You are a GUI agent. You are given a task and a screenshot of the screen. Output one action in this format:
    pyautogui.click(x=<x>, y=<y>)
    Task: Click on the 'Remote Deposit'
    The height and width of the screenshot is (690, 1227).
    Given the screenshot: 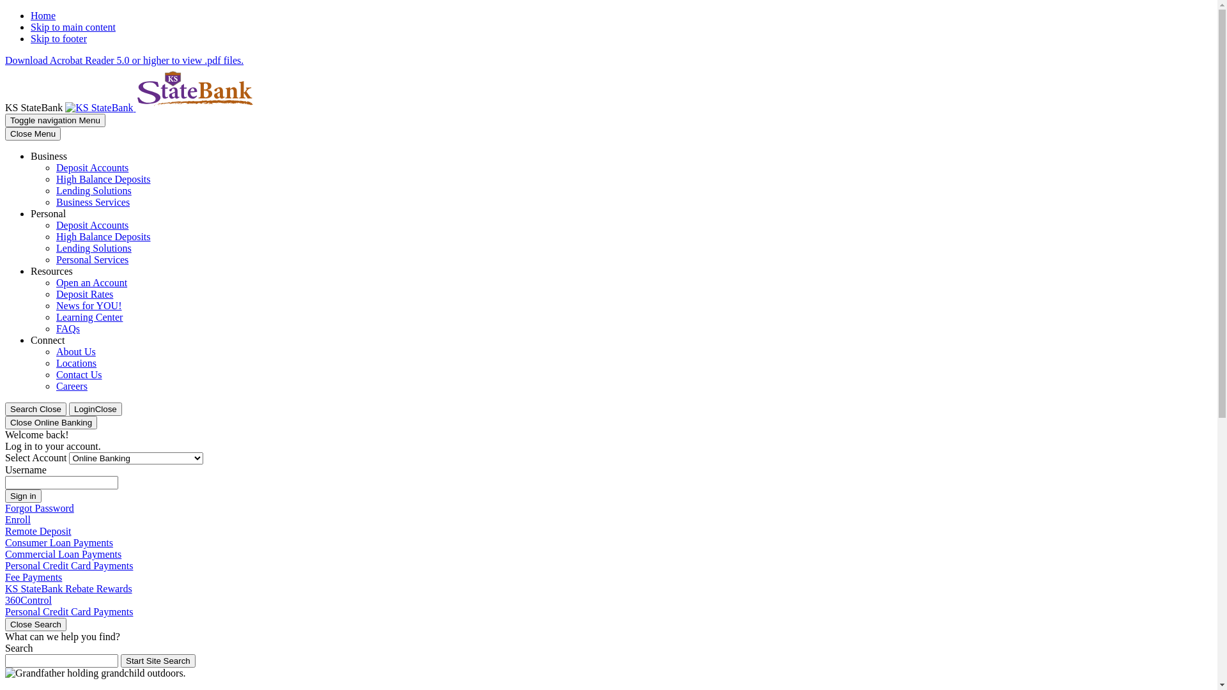 What is the action you would take?
    pyautogui.click(x=38, y=531)
    